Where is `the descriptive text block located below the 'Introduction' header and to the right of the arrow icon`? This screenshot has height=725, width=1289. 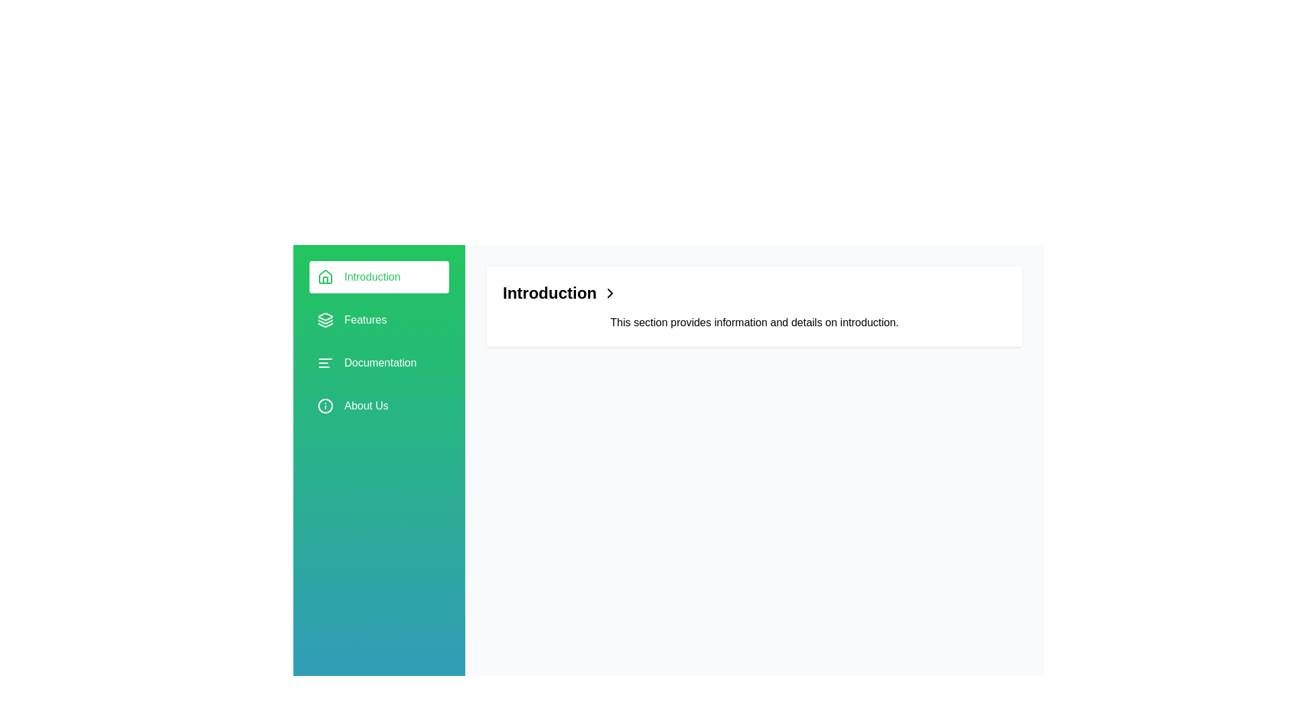 the descriptive text block located below the 'Introduction' header and to the right of the arrow icon is located at coordinates (754, 323).